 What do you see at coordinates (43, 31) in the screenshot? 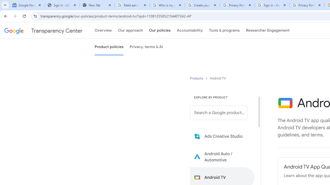
I see `'Transparency Center'` at bounding box center [43, 31].